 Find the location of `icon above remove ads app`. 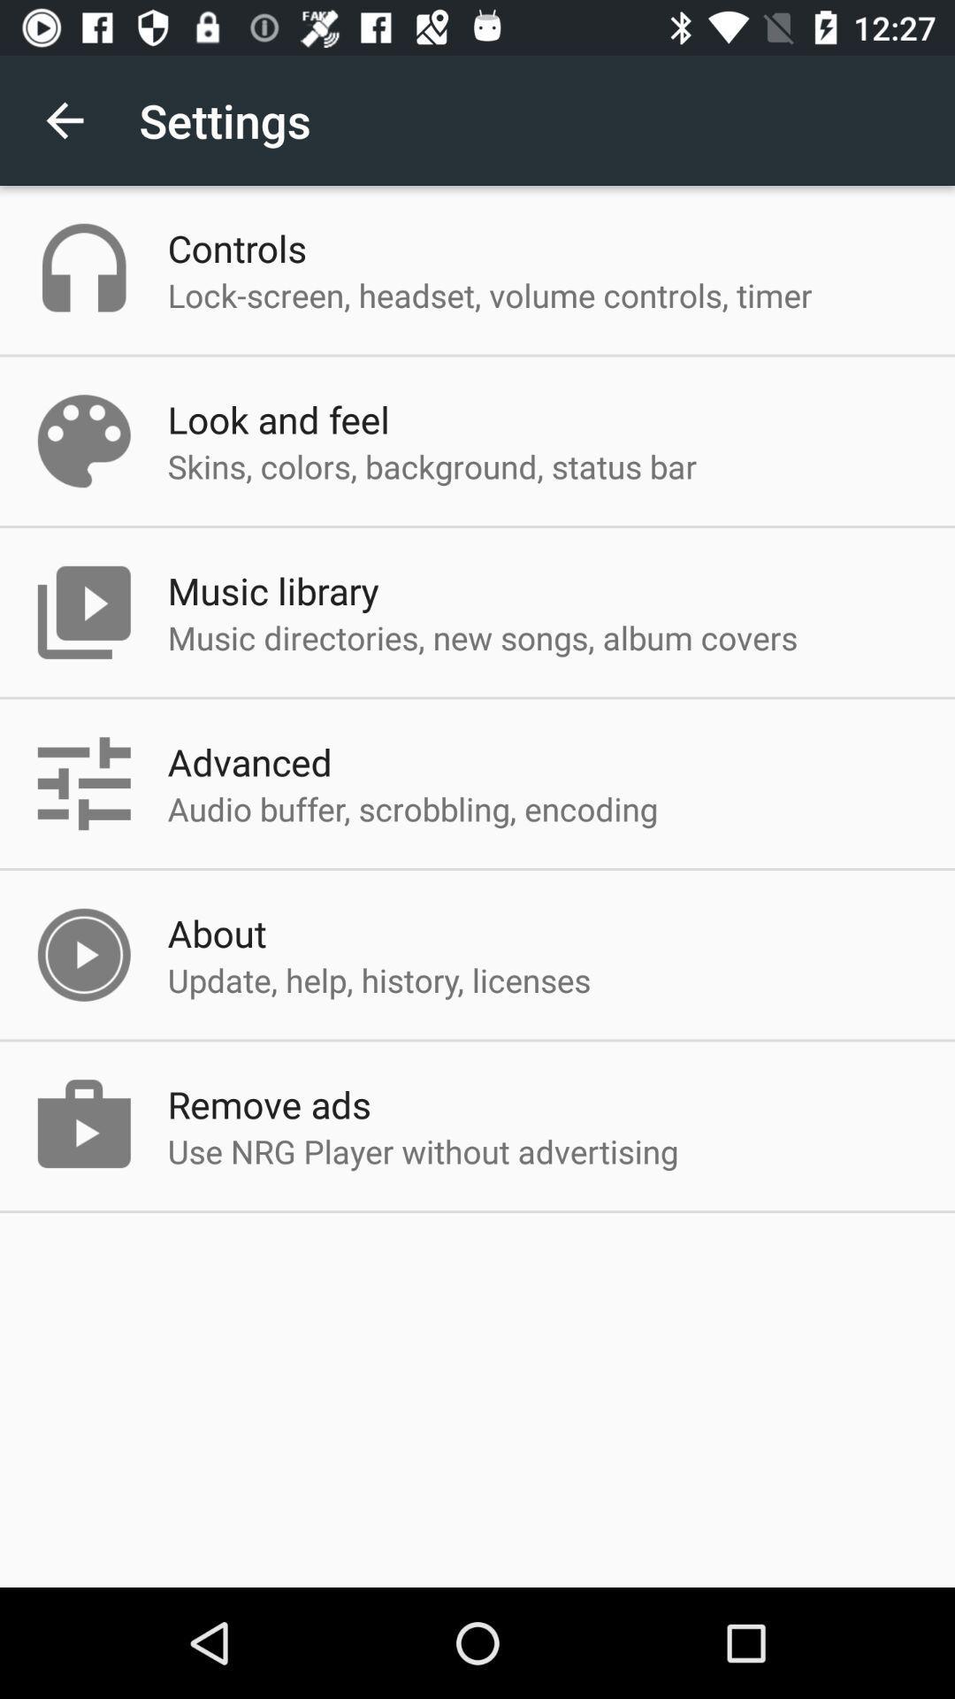

icon above remove ads app is located at coordinates (378, 979).